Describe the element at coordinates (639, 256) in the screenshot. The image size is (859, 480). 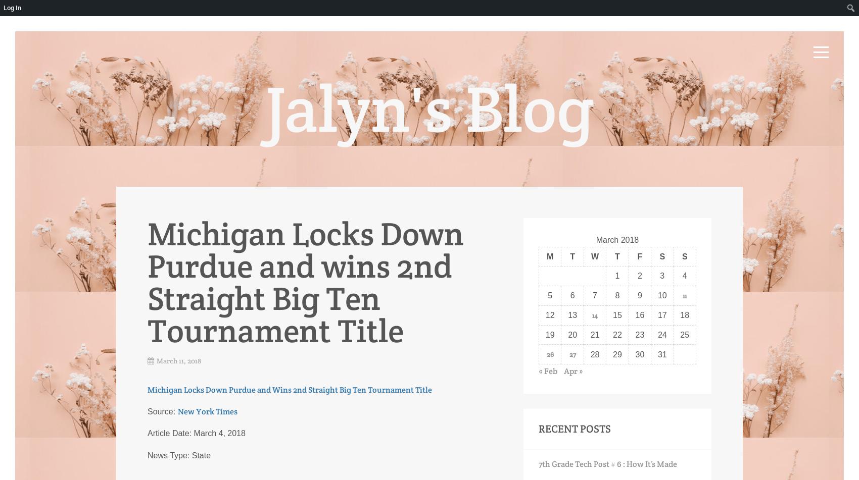
I see `'F'` at that location.